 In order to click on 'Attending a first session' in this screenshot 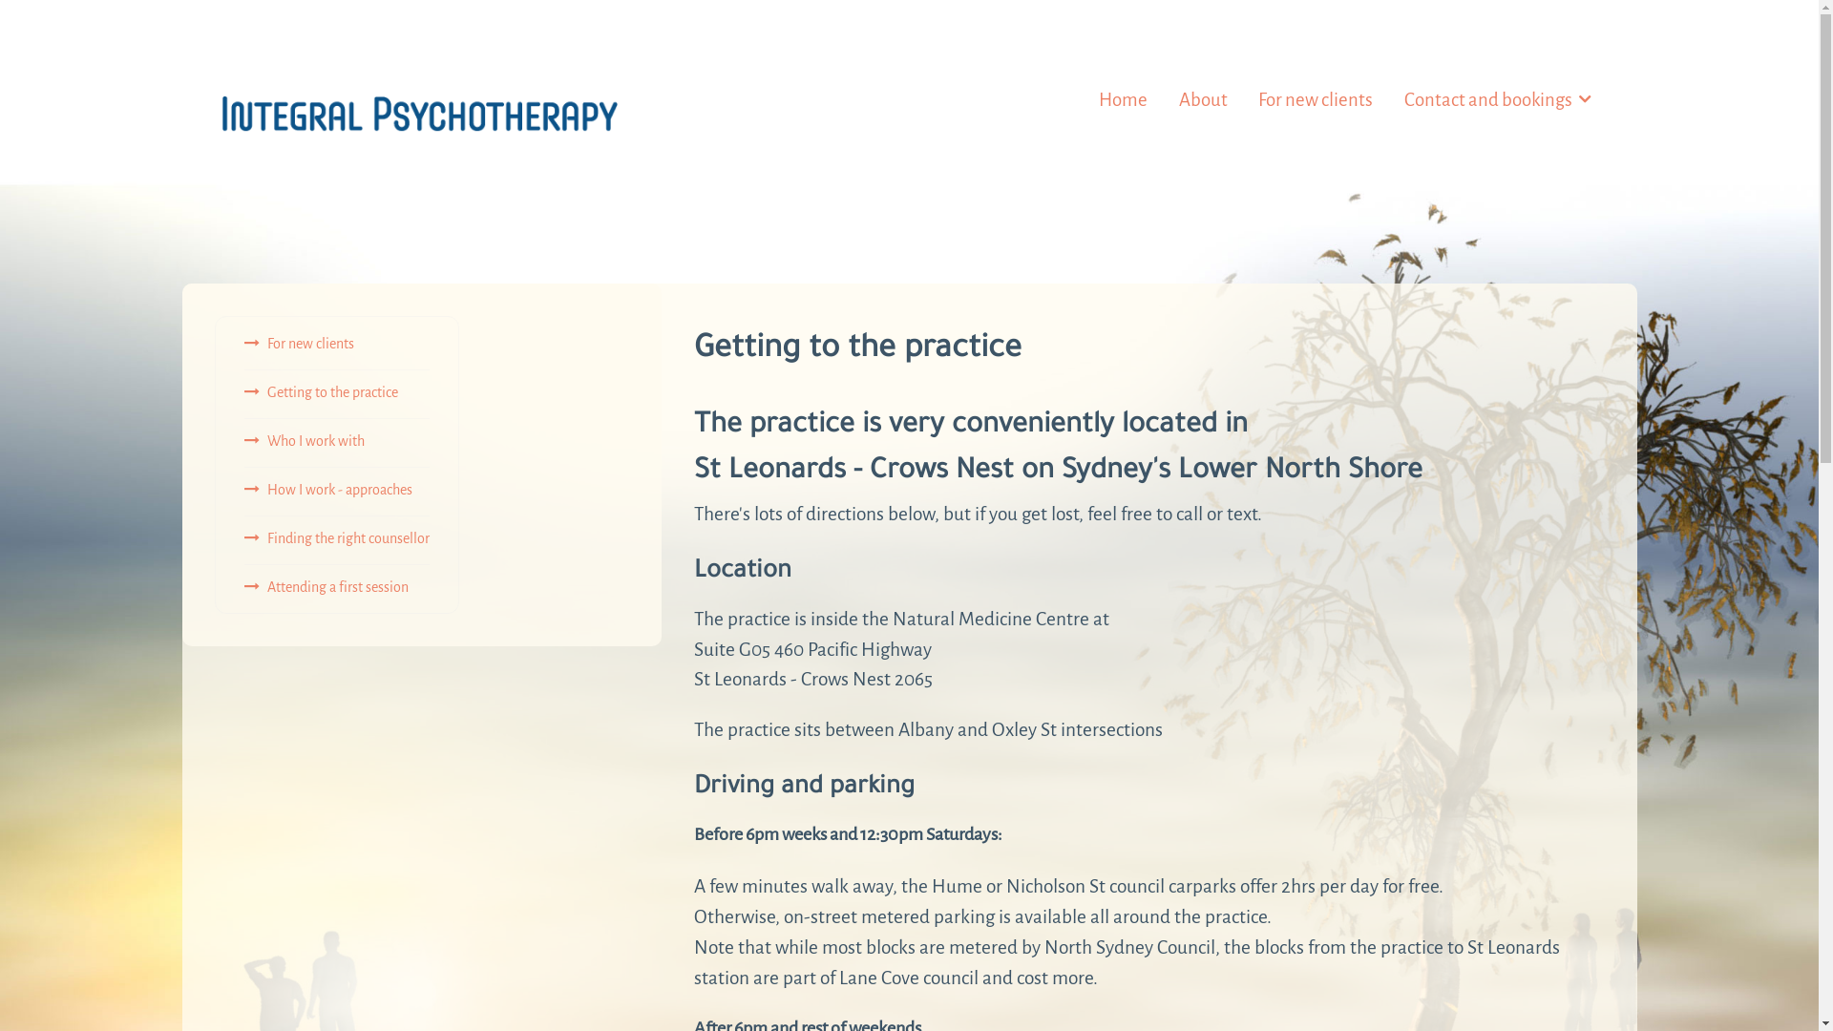, I will do `click(326, 585)`.